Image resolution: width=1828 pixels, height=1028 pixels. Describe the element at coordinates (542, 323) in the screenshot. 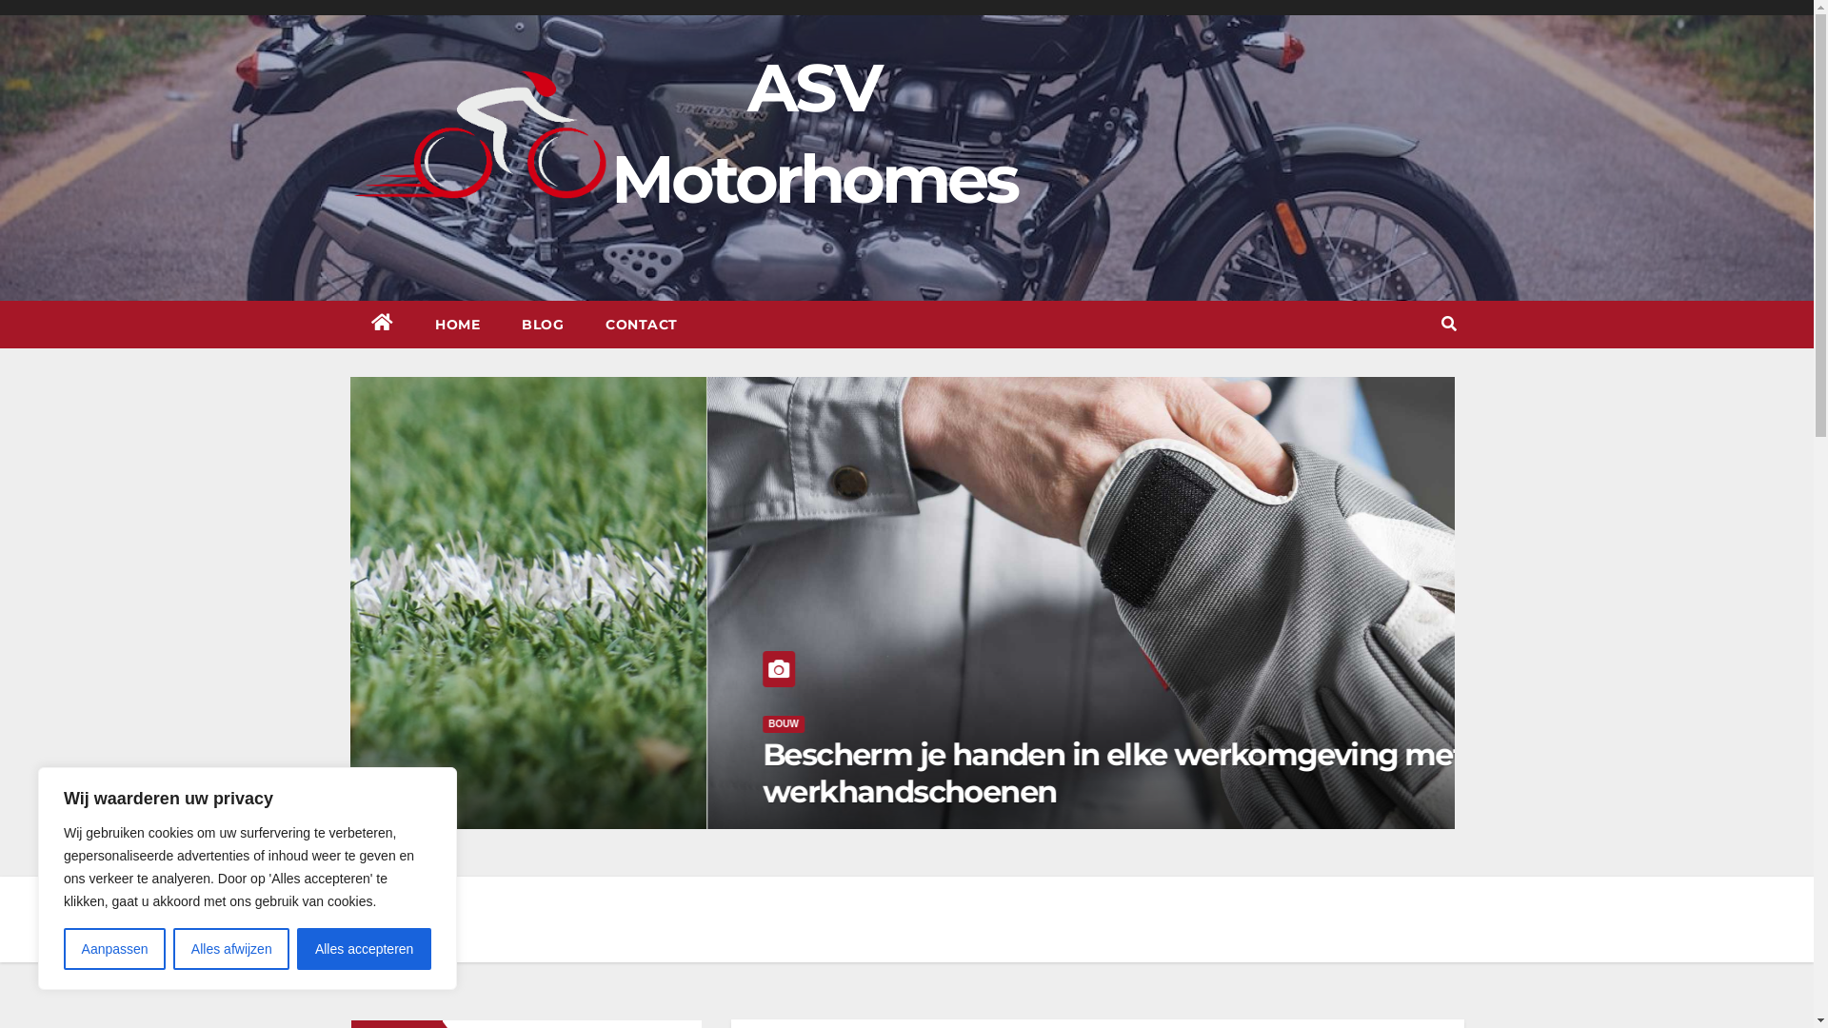

I see `'BLOG'` at that location.